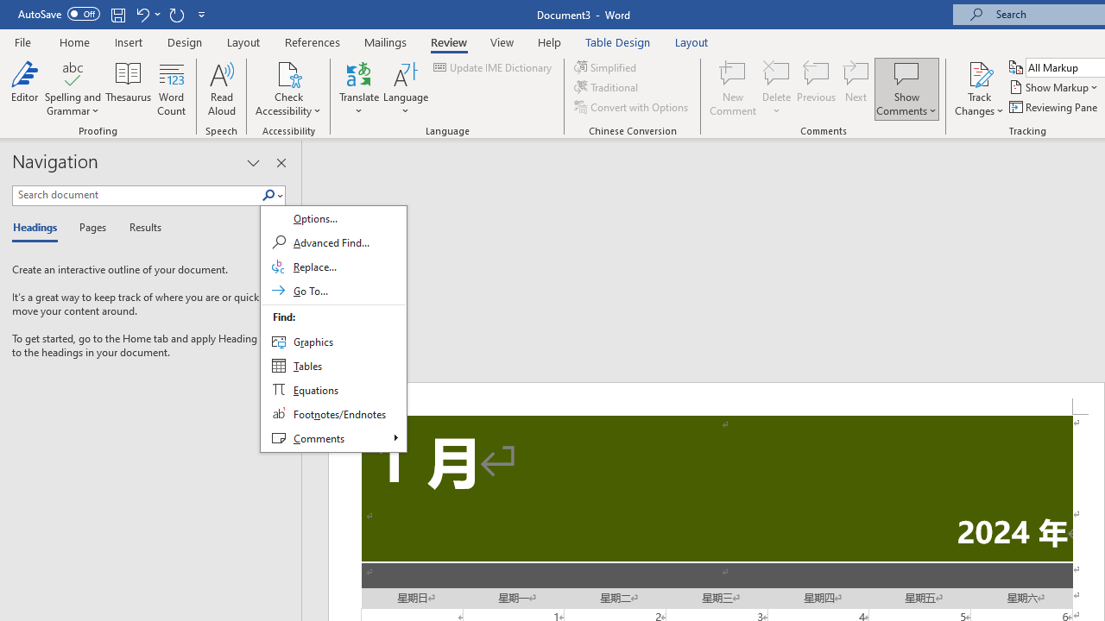 The image size is (1105, 621). I want to click on 'Spelling and Grammar', so click(73, 89).